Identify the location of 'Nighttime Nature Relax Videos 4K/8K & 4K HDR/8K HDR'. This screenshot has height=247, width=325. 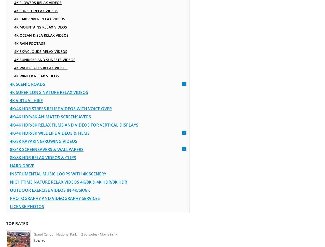
(68, 182).